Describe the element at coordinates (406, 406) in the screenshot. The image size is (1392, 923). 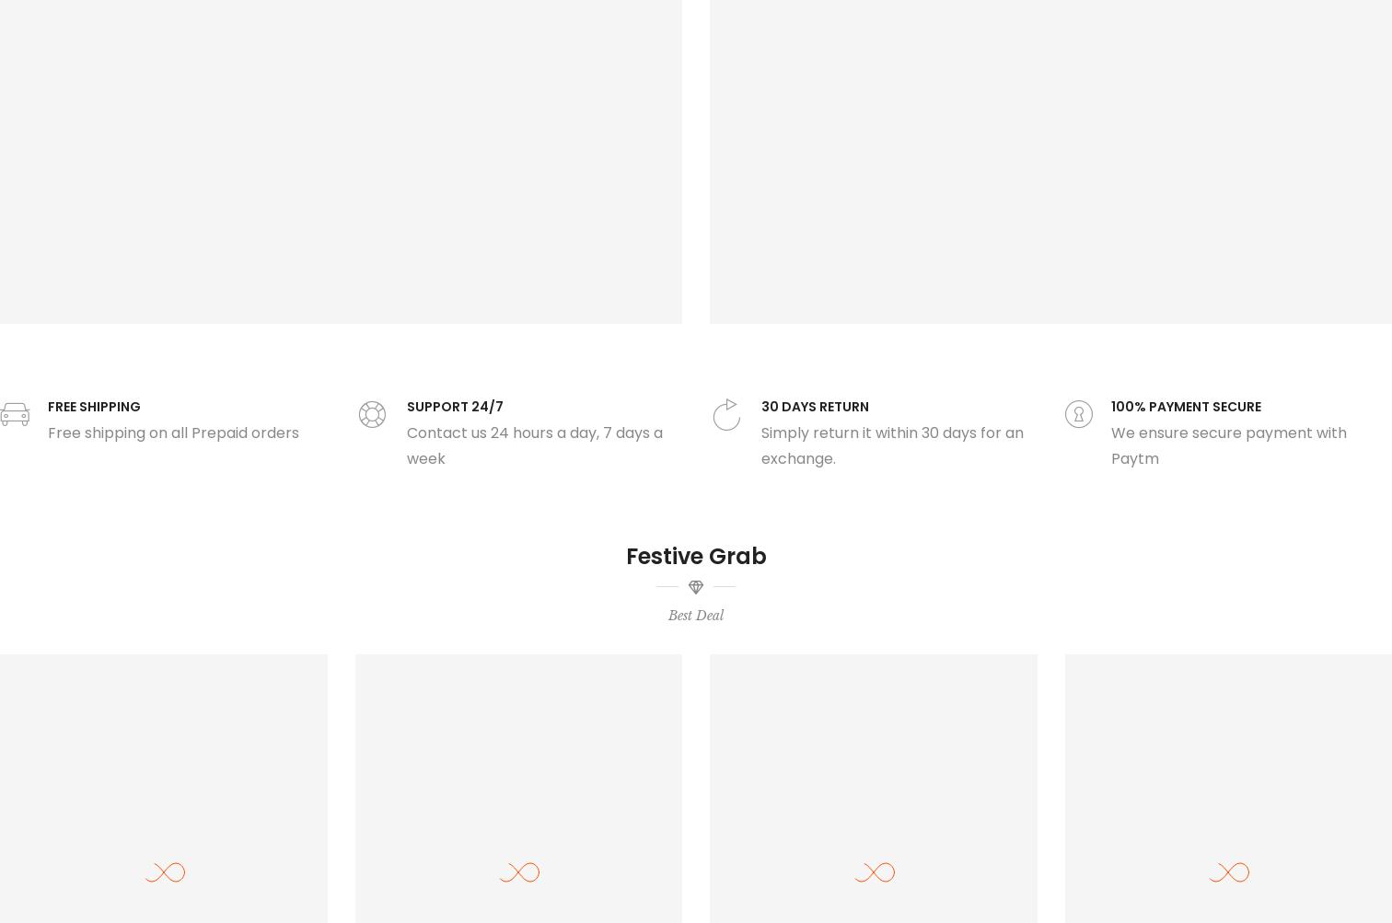
I see `'SUPPORT 24/7'` at that location.